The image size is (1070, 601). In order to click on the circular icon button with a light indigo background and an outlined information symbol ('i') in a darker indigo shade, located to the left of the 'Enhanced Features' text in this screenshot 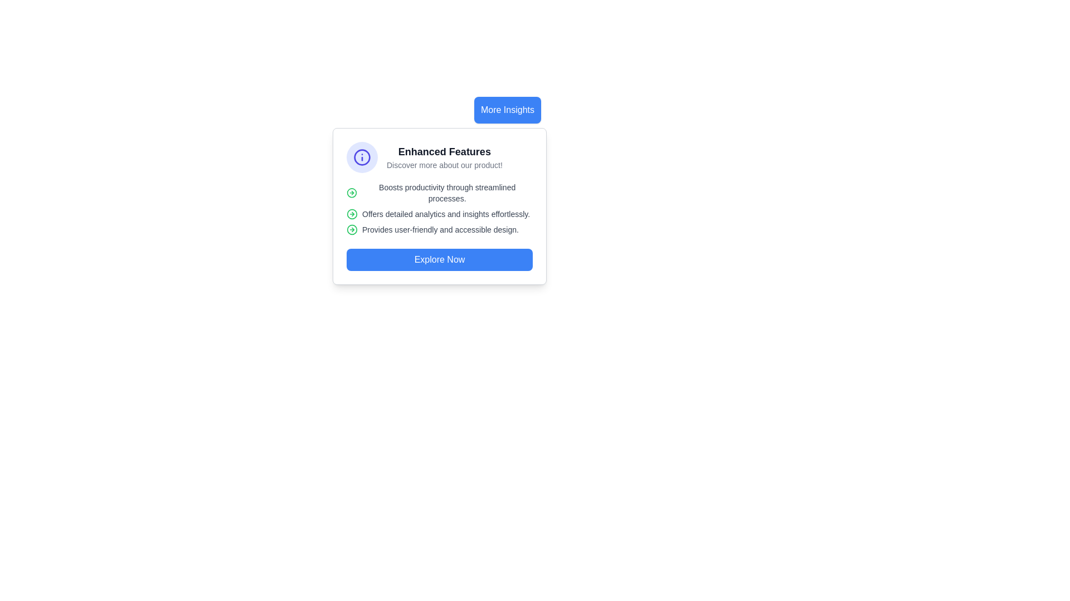, I will do `click(362, 157)`.